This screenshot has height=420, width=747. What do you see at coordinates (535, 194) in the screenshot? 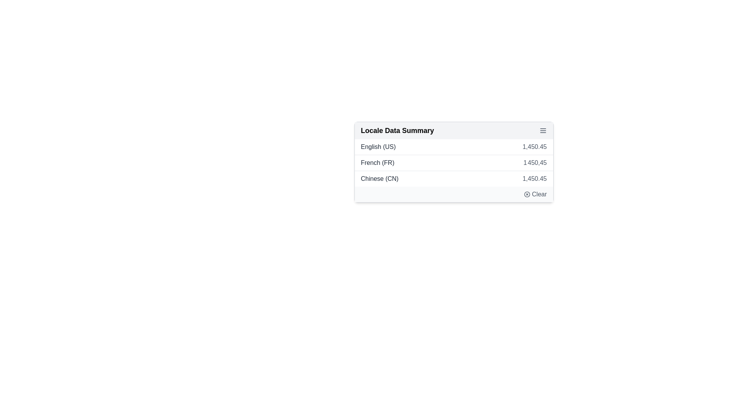
I see `the 'Clear' button with an icon and text located in the bottom-right corner of the 'Locale Data Summary' panel` at bounding box center [535, 194].